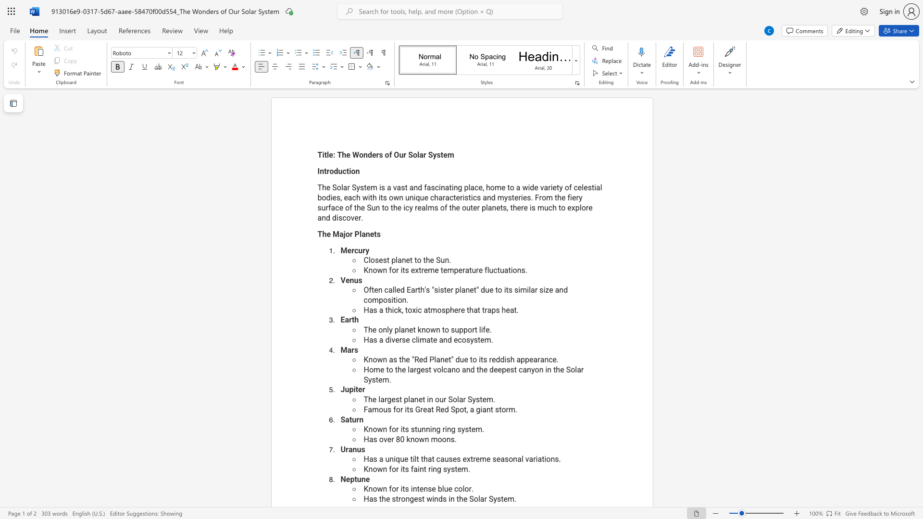 Image resolution: width=923 pixels, height=519 pixels. I want to click on the subset text "rodu" within the text "Introduction", so click(326, 171).